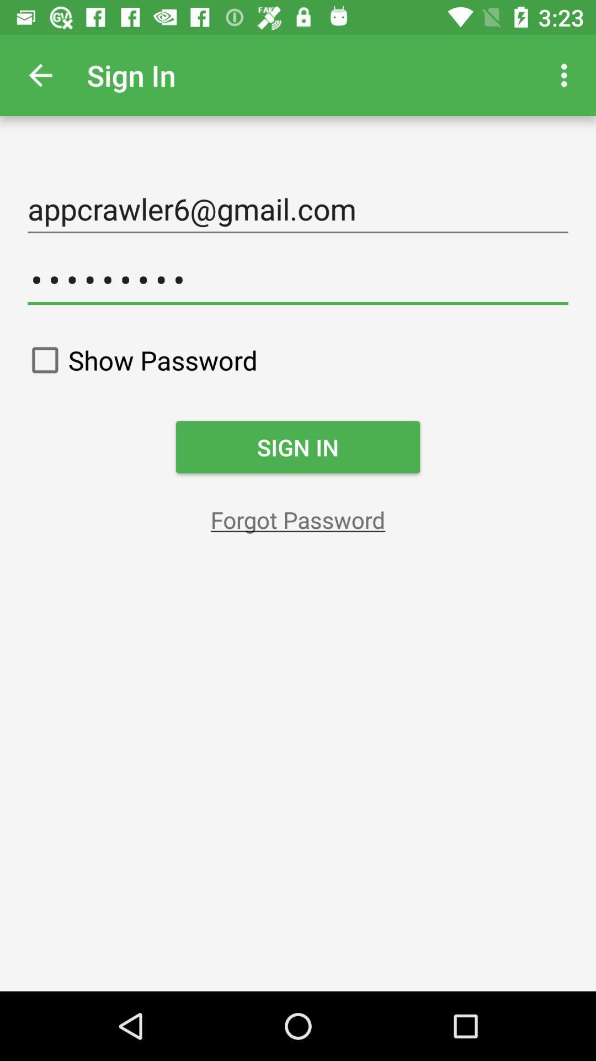  What do you see at coordinates (298, 209) in the screenshot?
I see `item above the crowd3116 item` at bounding box center [298, 209].